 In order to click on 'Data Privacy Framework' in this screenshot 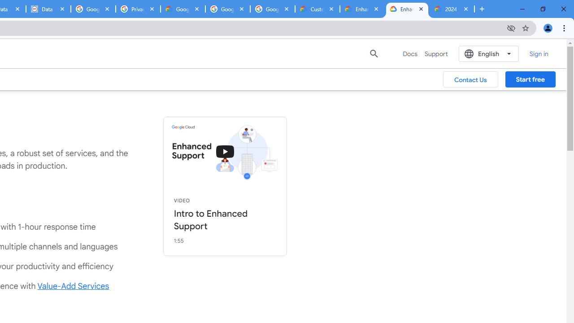, I will do `click(48, 9)`.